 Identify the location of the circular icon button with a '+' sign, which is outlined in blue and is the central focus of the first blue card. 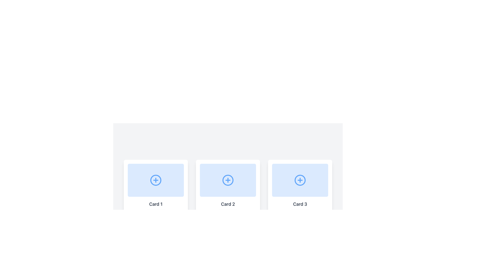
(156, 180).